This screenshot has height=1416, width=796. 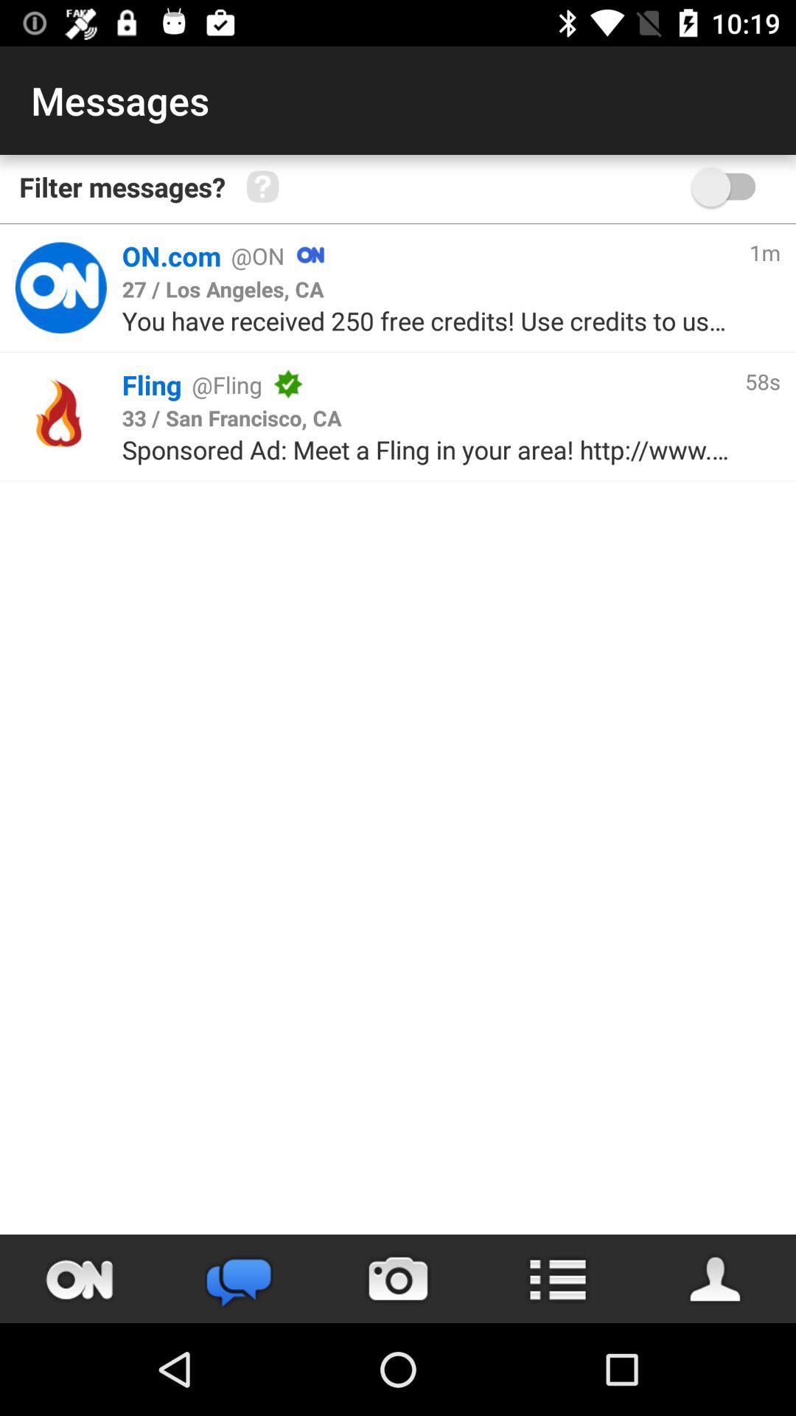 I want to click on you have received icon, so click(x=427, y=320).